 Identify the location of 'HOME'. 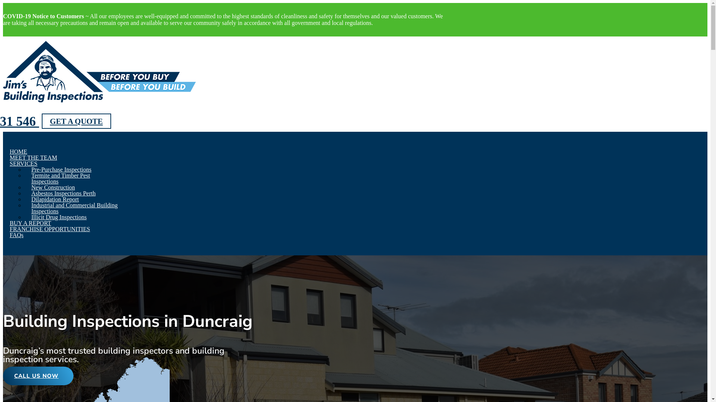
(18, 151).